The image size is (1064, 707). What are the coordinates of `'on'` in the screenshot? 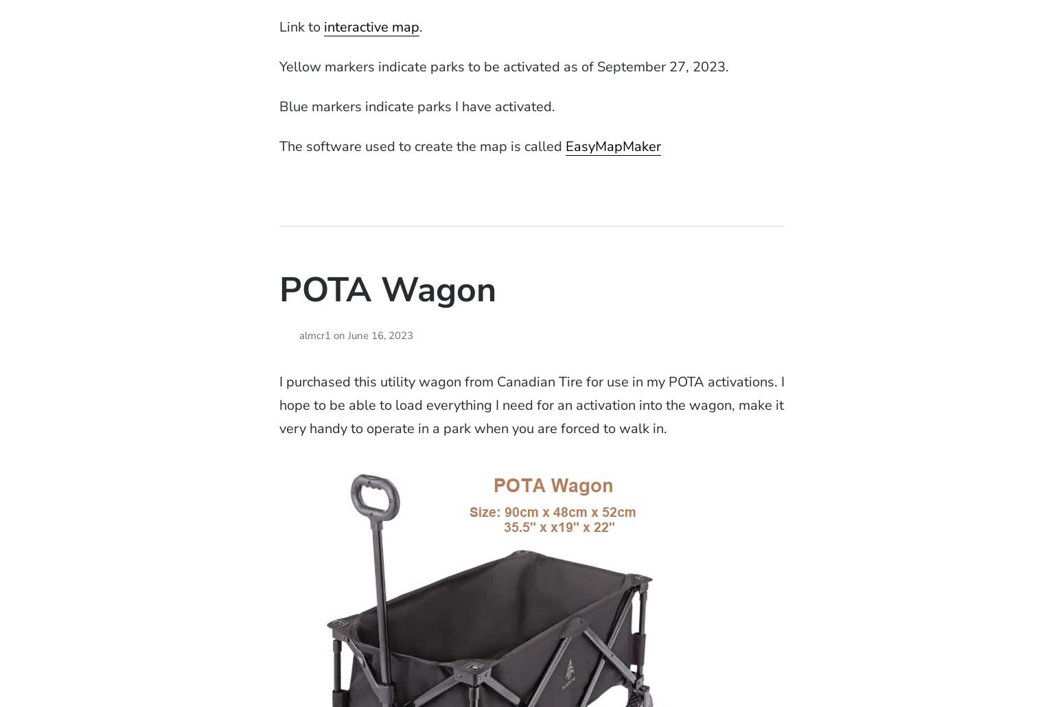 It's located at (338, 335).